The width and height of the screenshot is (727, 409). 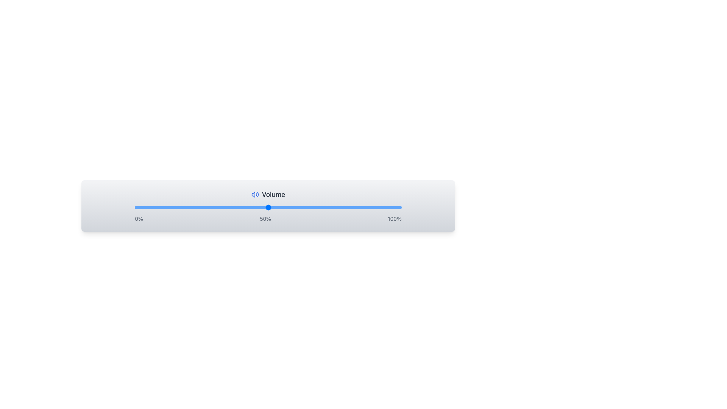 I want to click on the volume, so click(x=193, y=207).